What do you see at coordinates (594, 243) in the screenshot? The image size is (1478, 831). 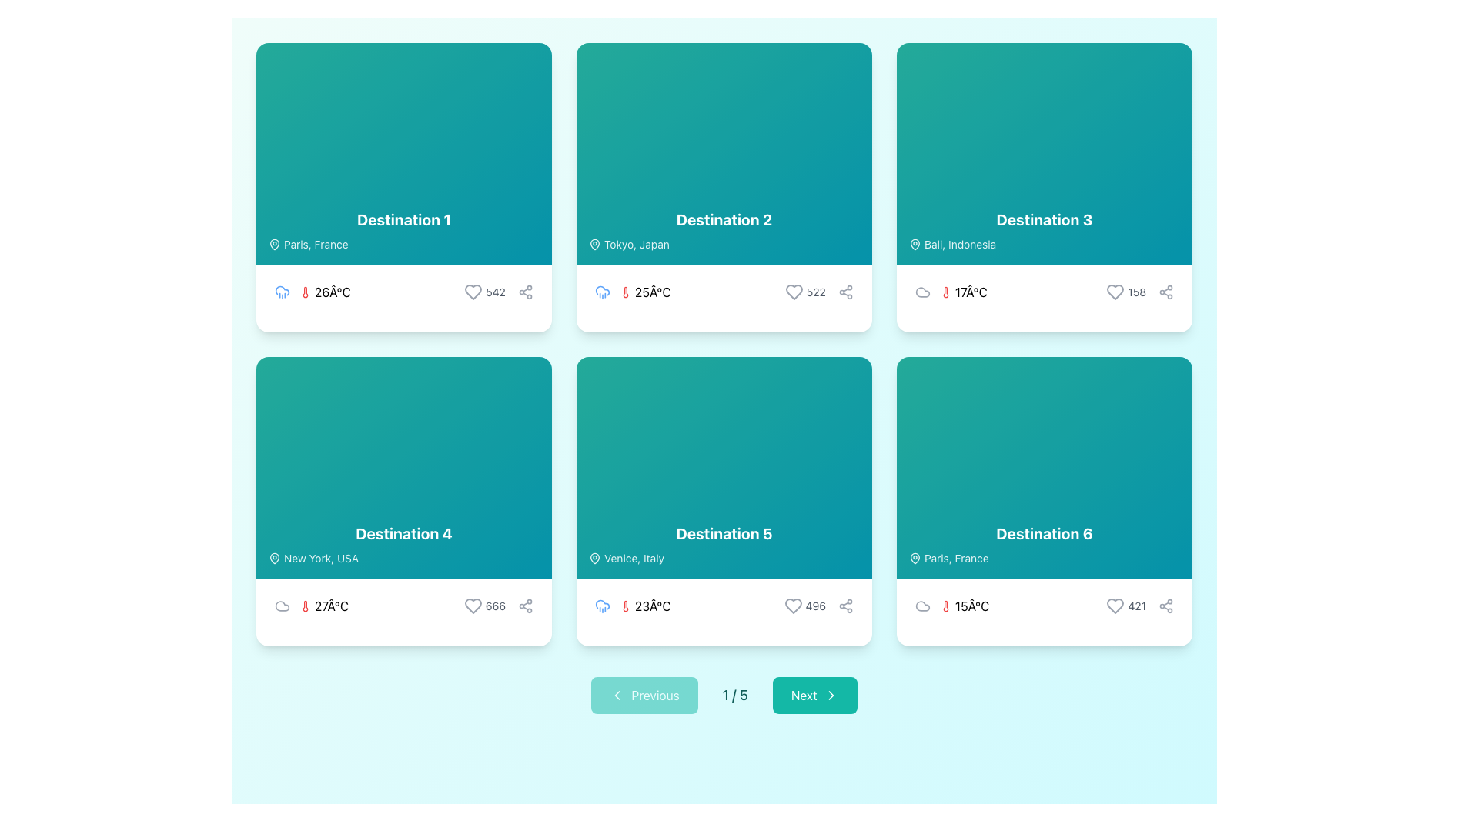 I see `the geographic location icon located at the top-left corner of the 'Destination 2' card` at bounding box center [594, 243].